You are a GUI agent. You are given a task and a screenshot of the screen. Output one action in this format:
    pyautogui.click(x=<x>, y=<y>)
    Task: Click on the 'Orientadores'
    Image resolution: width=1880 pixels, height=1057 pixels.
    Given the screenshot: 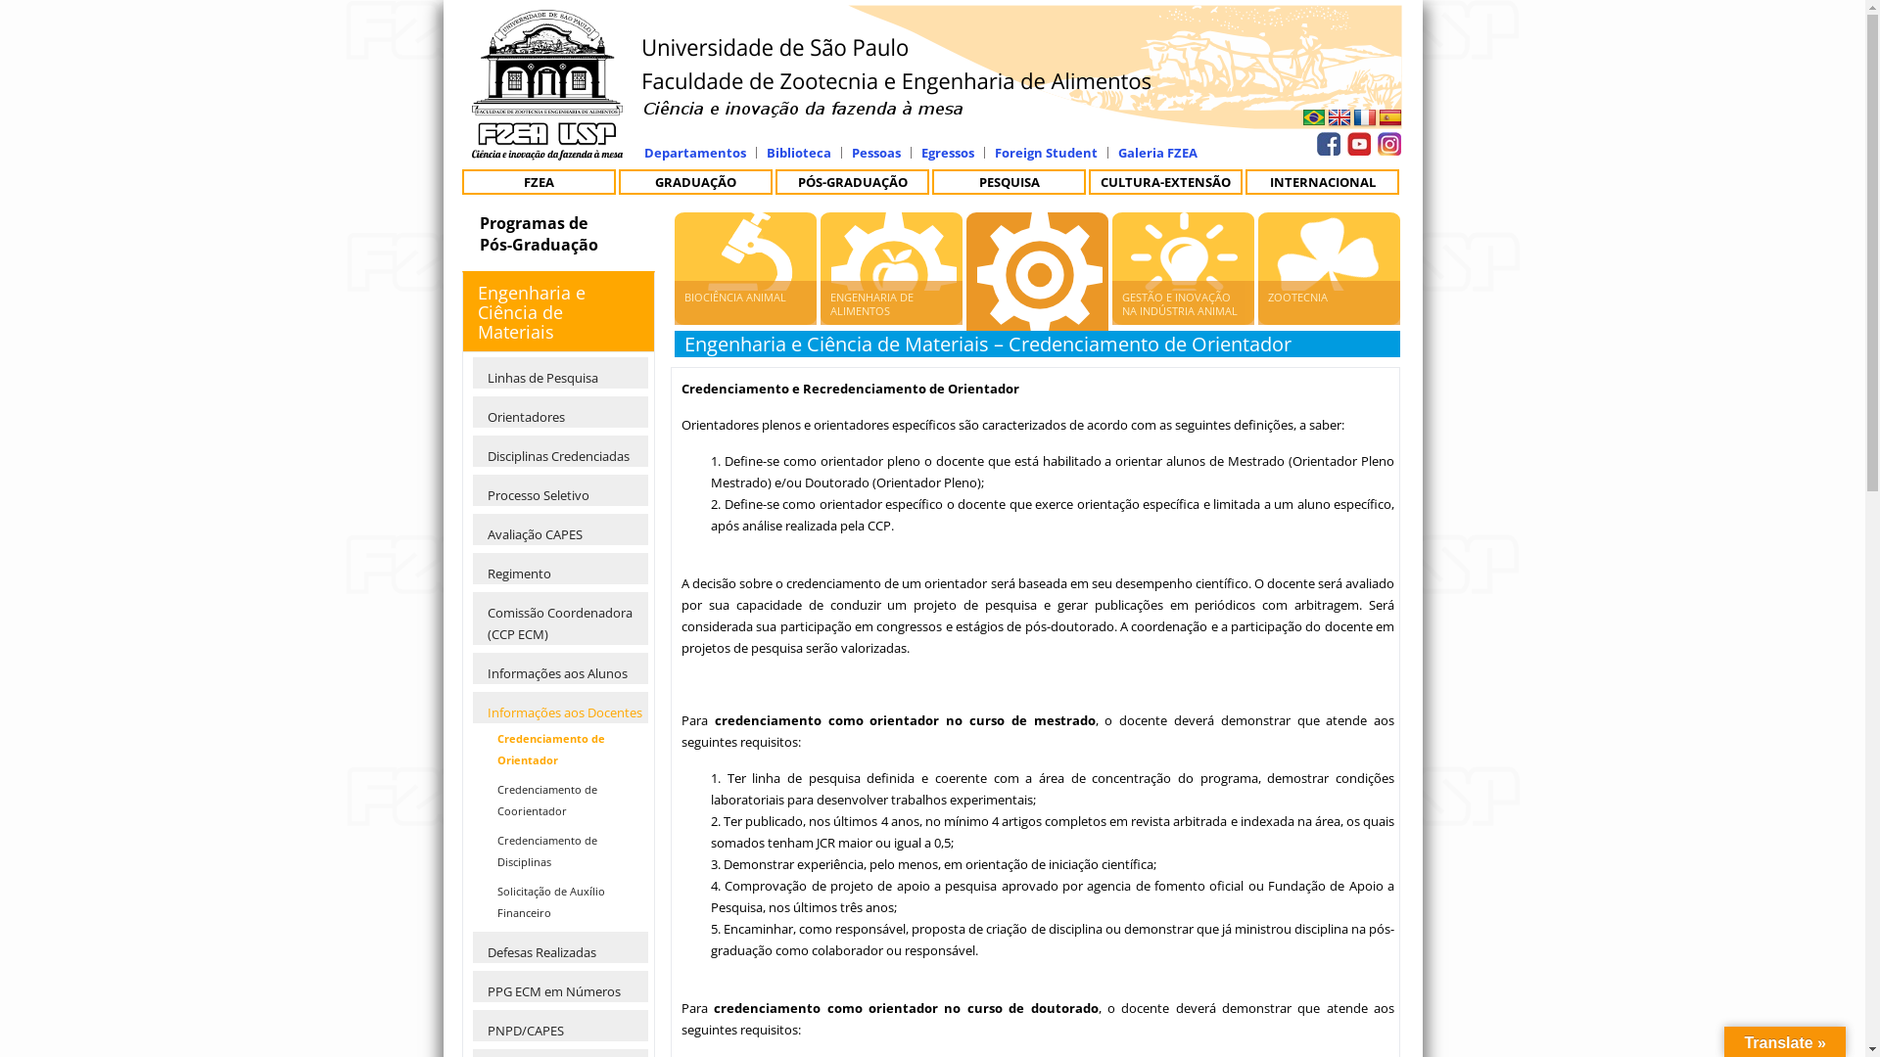 What is the action you would take?
    pyautogui.click(x=473, y=410)
    